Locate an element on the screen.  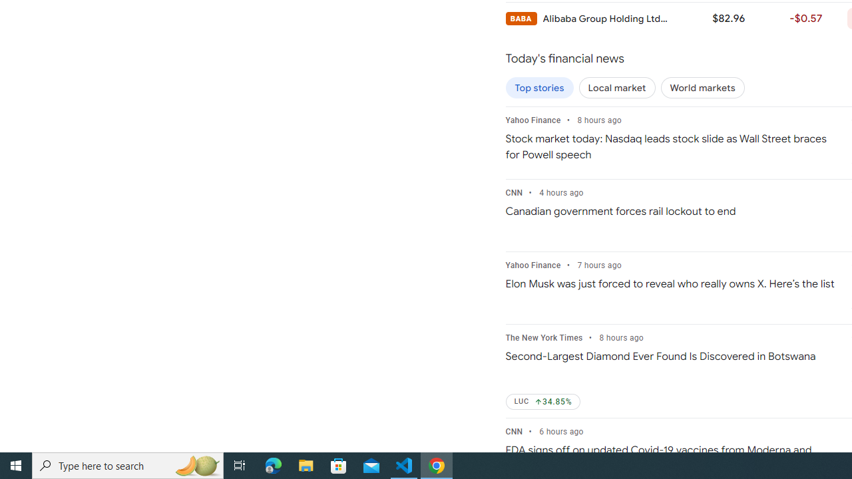
'LUC Up by 34.85%' is located at coordinates (543, 401).